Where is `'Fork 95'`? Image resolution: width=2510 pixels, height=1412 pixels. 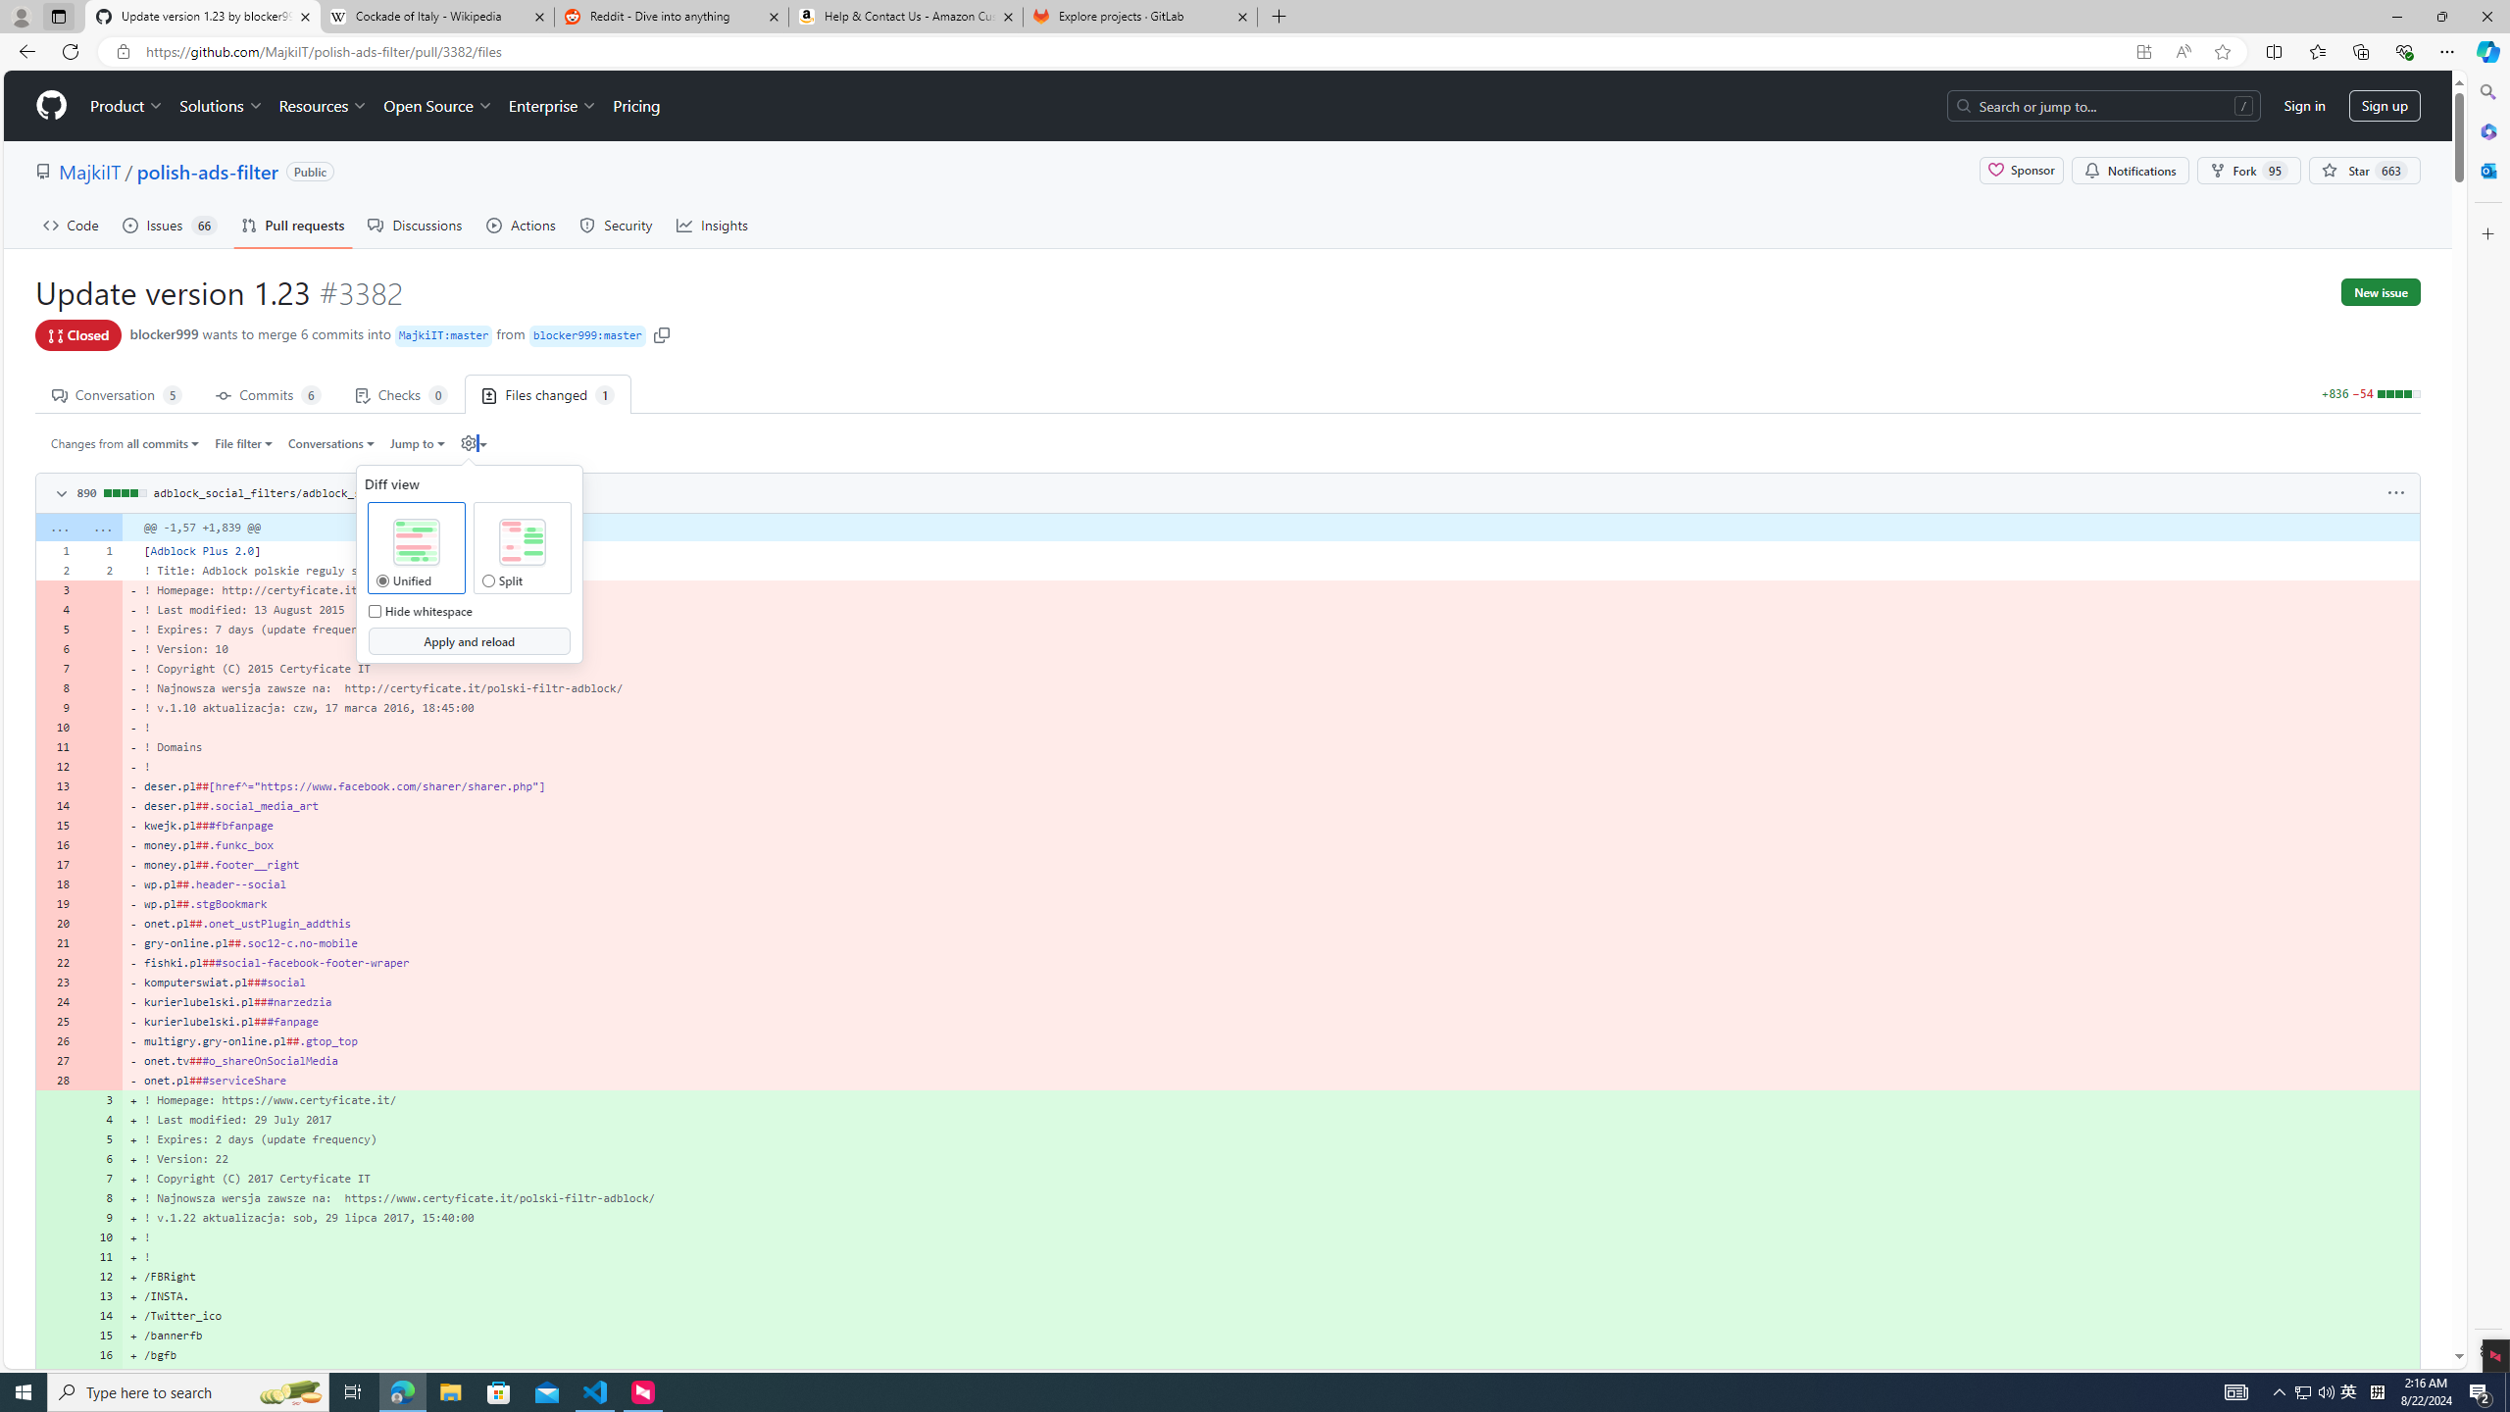
'Fork 95' is located at coordinates (2247, 170).